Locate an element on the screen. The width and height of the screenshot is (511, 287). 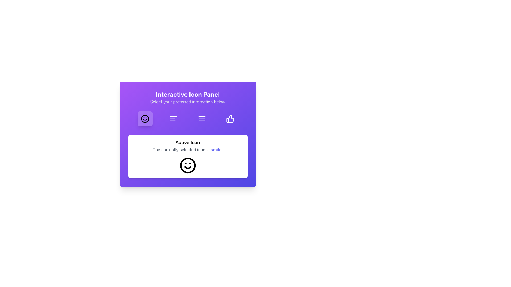
the header and sub-header text block at the top center of the purple card with a gradient background, which prompts user interaction is located at coordinates (188, 97).